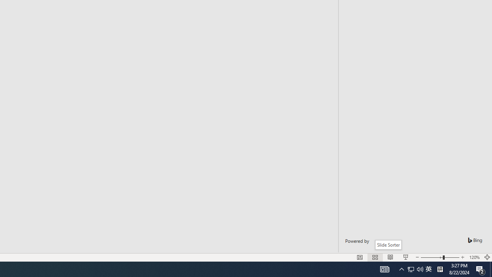  What do you see at coordinates (359, 257) in the screenshot?
I see `'Normal'` at bounding box center [359, 257].